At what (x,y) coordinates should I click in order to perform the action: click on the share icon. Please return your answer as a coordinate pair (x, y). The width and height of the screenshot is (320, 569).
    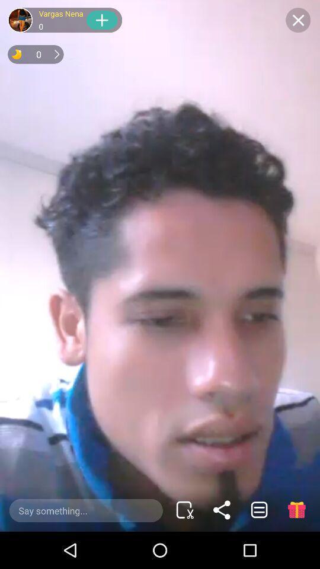
    Looking at the image, I should click on (222, 509).